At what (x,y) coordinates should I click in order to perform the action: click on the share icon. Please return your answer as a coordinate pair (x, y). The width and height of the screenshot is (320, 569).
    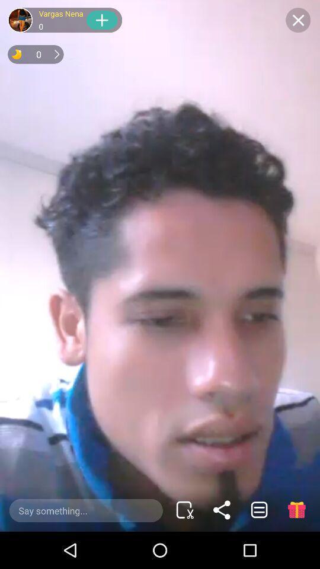
    Looking at the image, I should click on (222, 509).